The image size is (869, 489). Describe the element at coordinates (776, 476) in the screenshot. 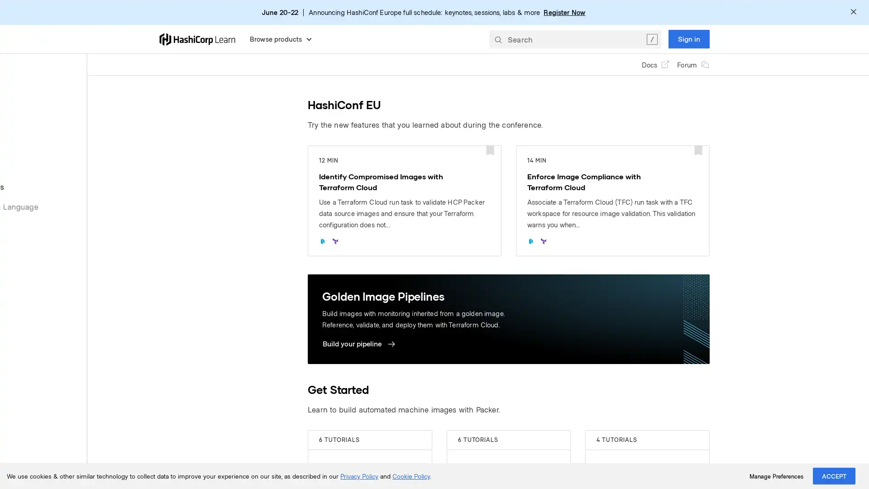

I see `Manage Preferences` at that location.